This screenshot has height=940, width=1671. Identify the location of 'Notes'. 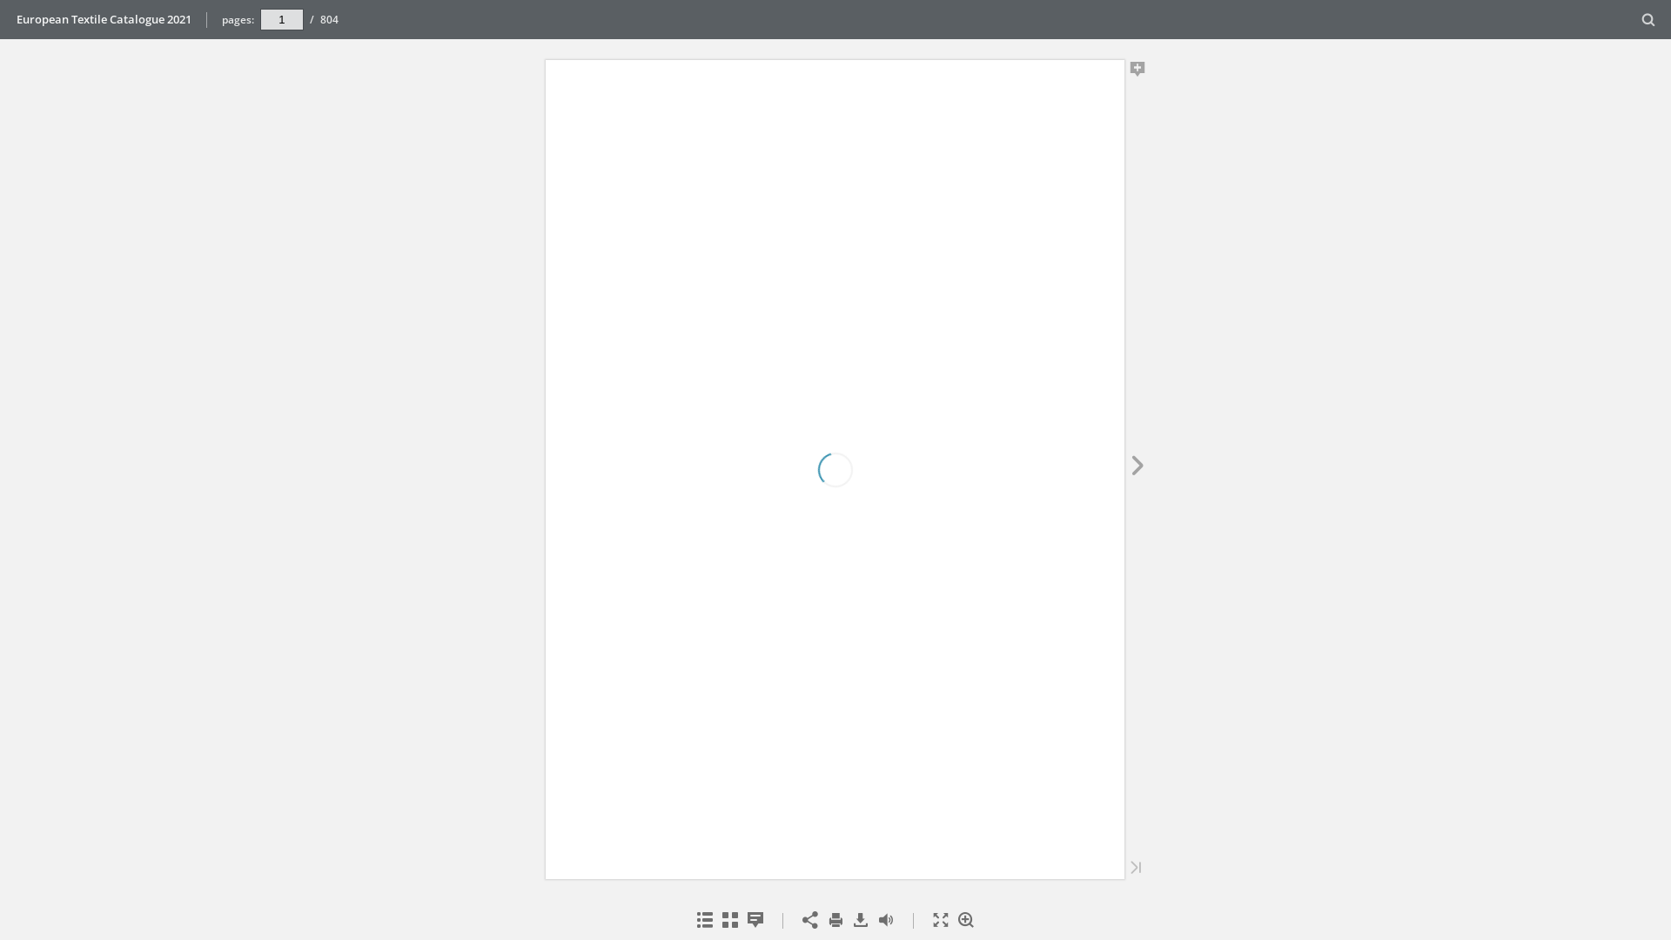
(755, 919).